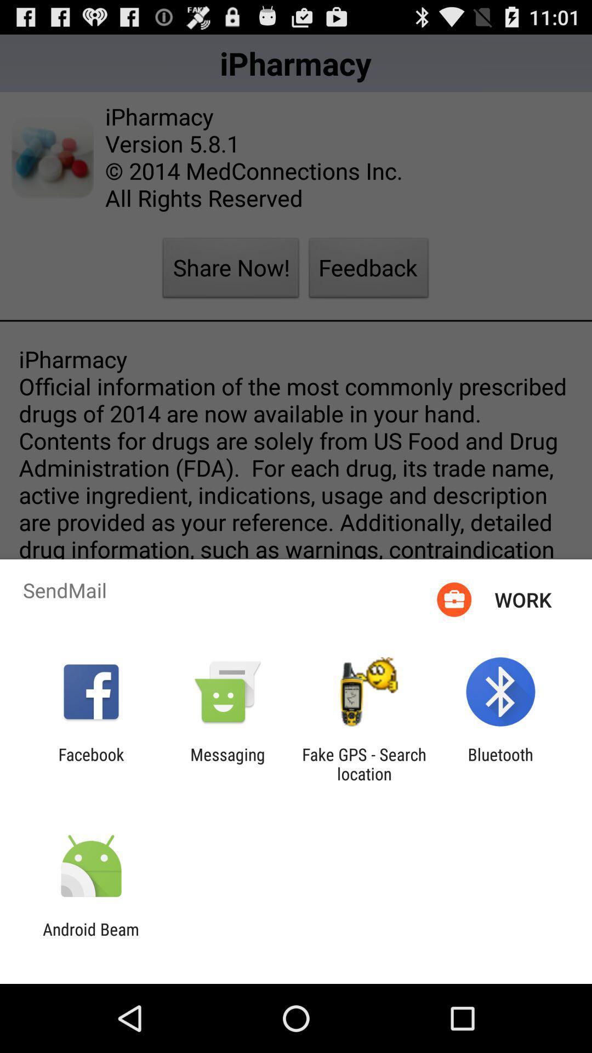  I want to click on messaging app, so click(227, 763).